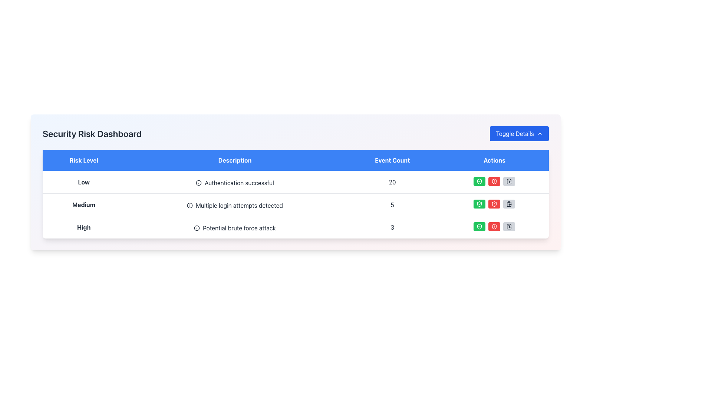 The height and width of the screenshot is (400, 712). Describe the element at coordinates (479, 226) in the screenshot. I see `the first graphic icon in the 'Actions' column of the 'High' risk level row, which indicates a secure or approved status` at that location.